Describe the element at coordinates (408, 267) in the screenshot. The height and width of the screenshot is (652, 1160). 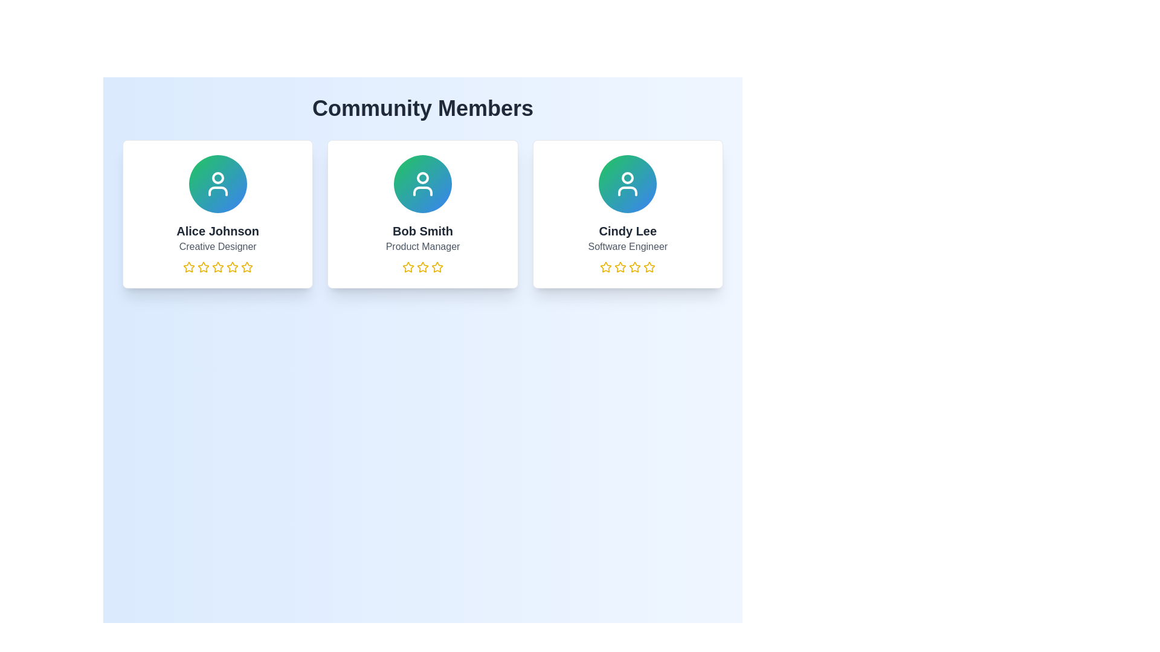
I see `the first star icon in the rating component to set a rating for Bob Smith's profile card` at that location.